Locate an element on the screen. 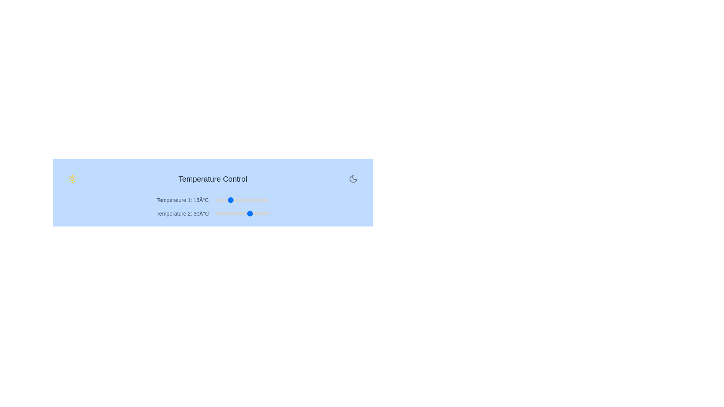  the slider handle for the 'Temperature 2' control located beneath 'Temperature 1' is located at coordinates (212, 214).